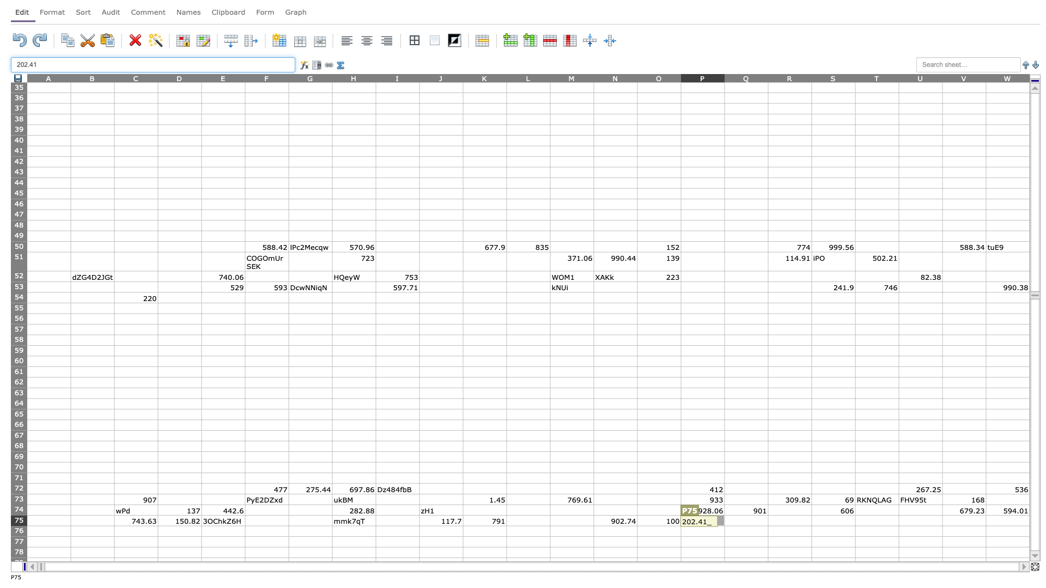 The height and width of the screenshot is (588, 1046). What do you see at coordinates (724, 514) in the screenshot?
I see `Top left corner of Q-75` at bounding box center [724, 514].